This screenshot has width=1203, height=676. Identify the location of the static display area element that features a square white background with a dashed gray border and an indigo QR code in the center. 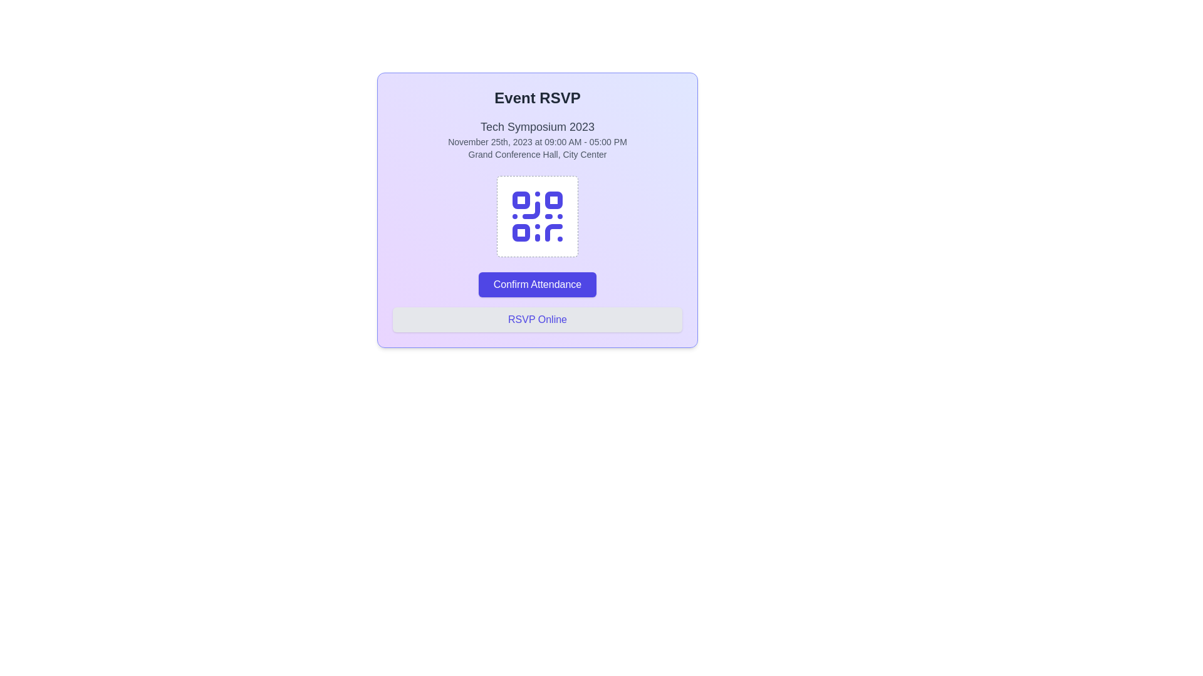
(538, 216).